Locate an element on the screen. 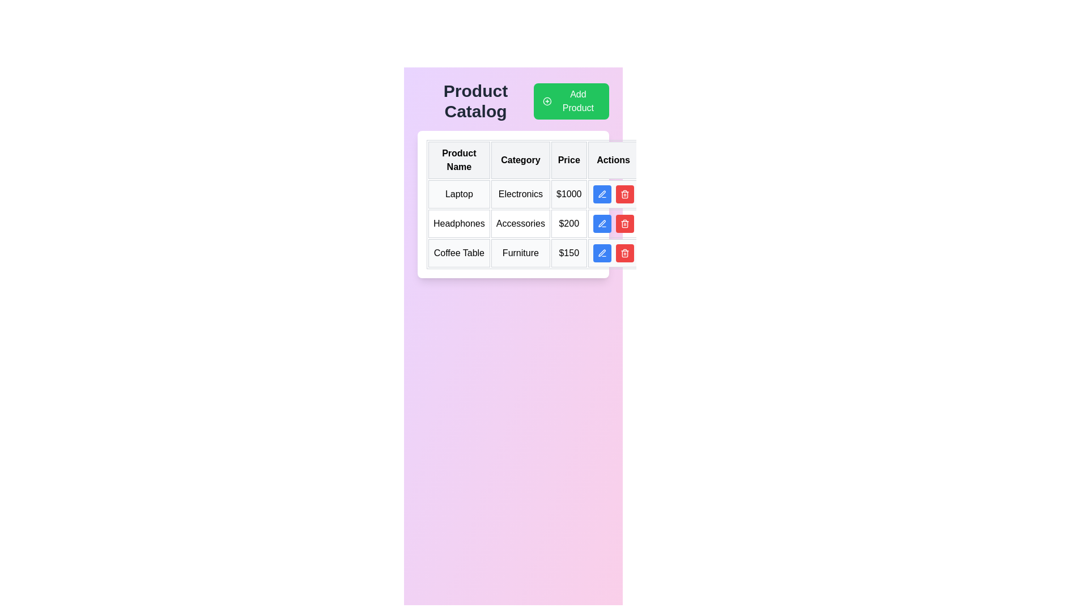 The width and height of the screenshot is (1088, 612). the interactive red button with a trash bin icon located at the far right of the last row in the table under the 'Actions' column is located at coordinates (613, 253).